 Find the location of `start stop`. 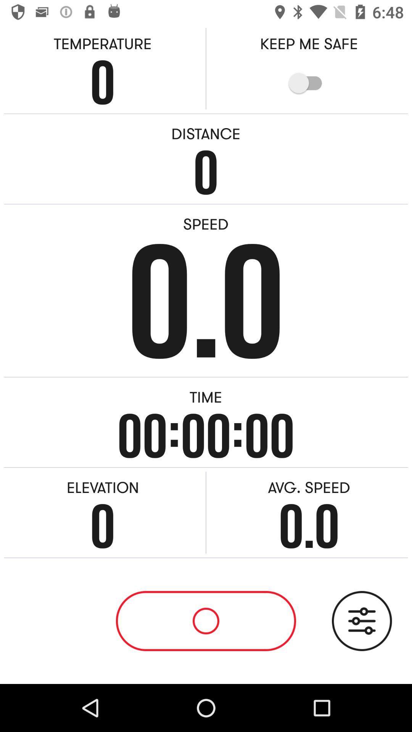

start stop is located at coordinates (206, 621).